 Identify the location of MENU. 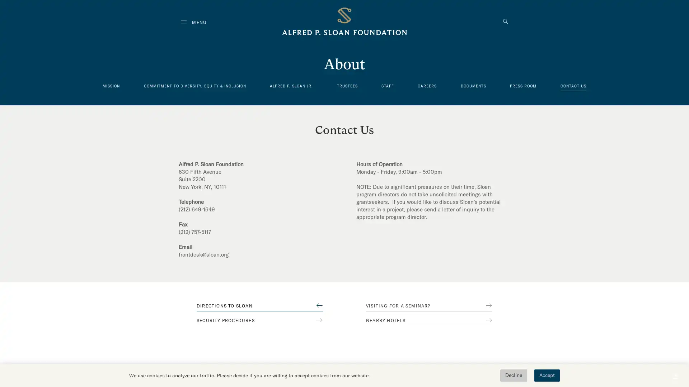
(193, 22).